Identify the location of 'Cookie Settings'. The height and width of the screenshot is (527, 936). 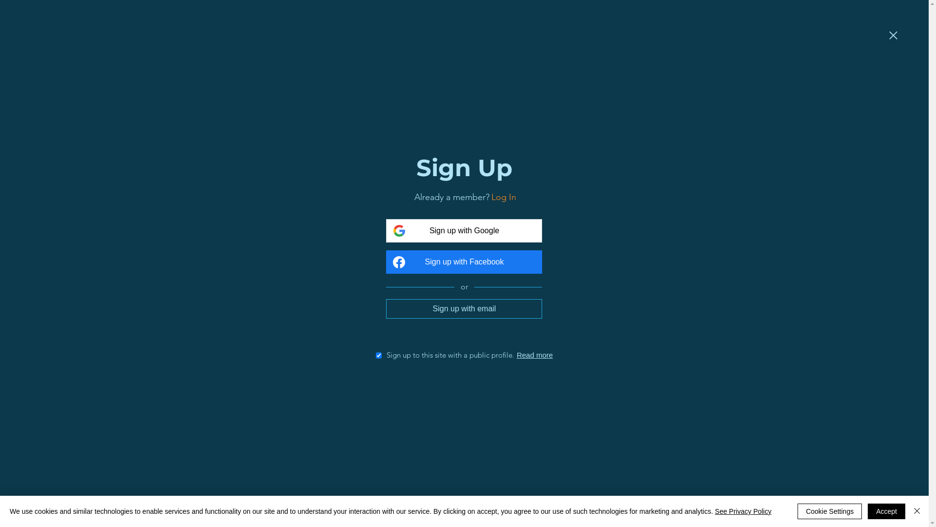
(829, 511).